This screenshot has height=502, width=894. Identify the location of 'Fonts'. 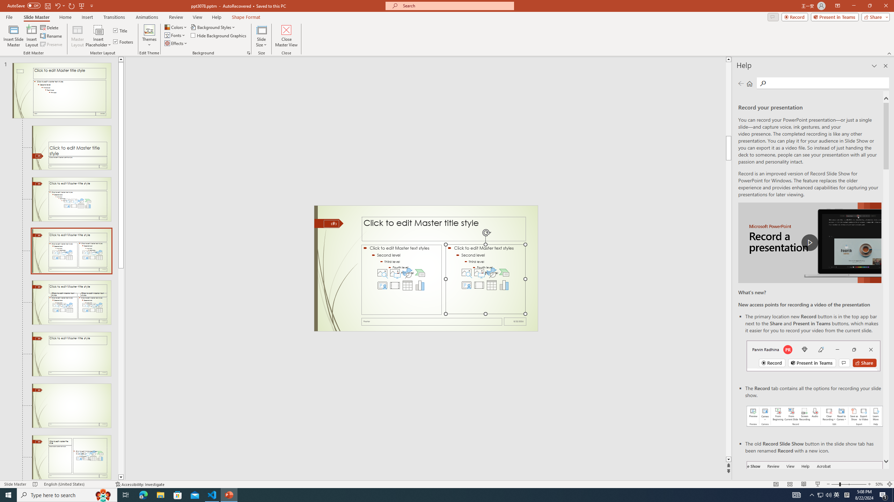
(175, 35).